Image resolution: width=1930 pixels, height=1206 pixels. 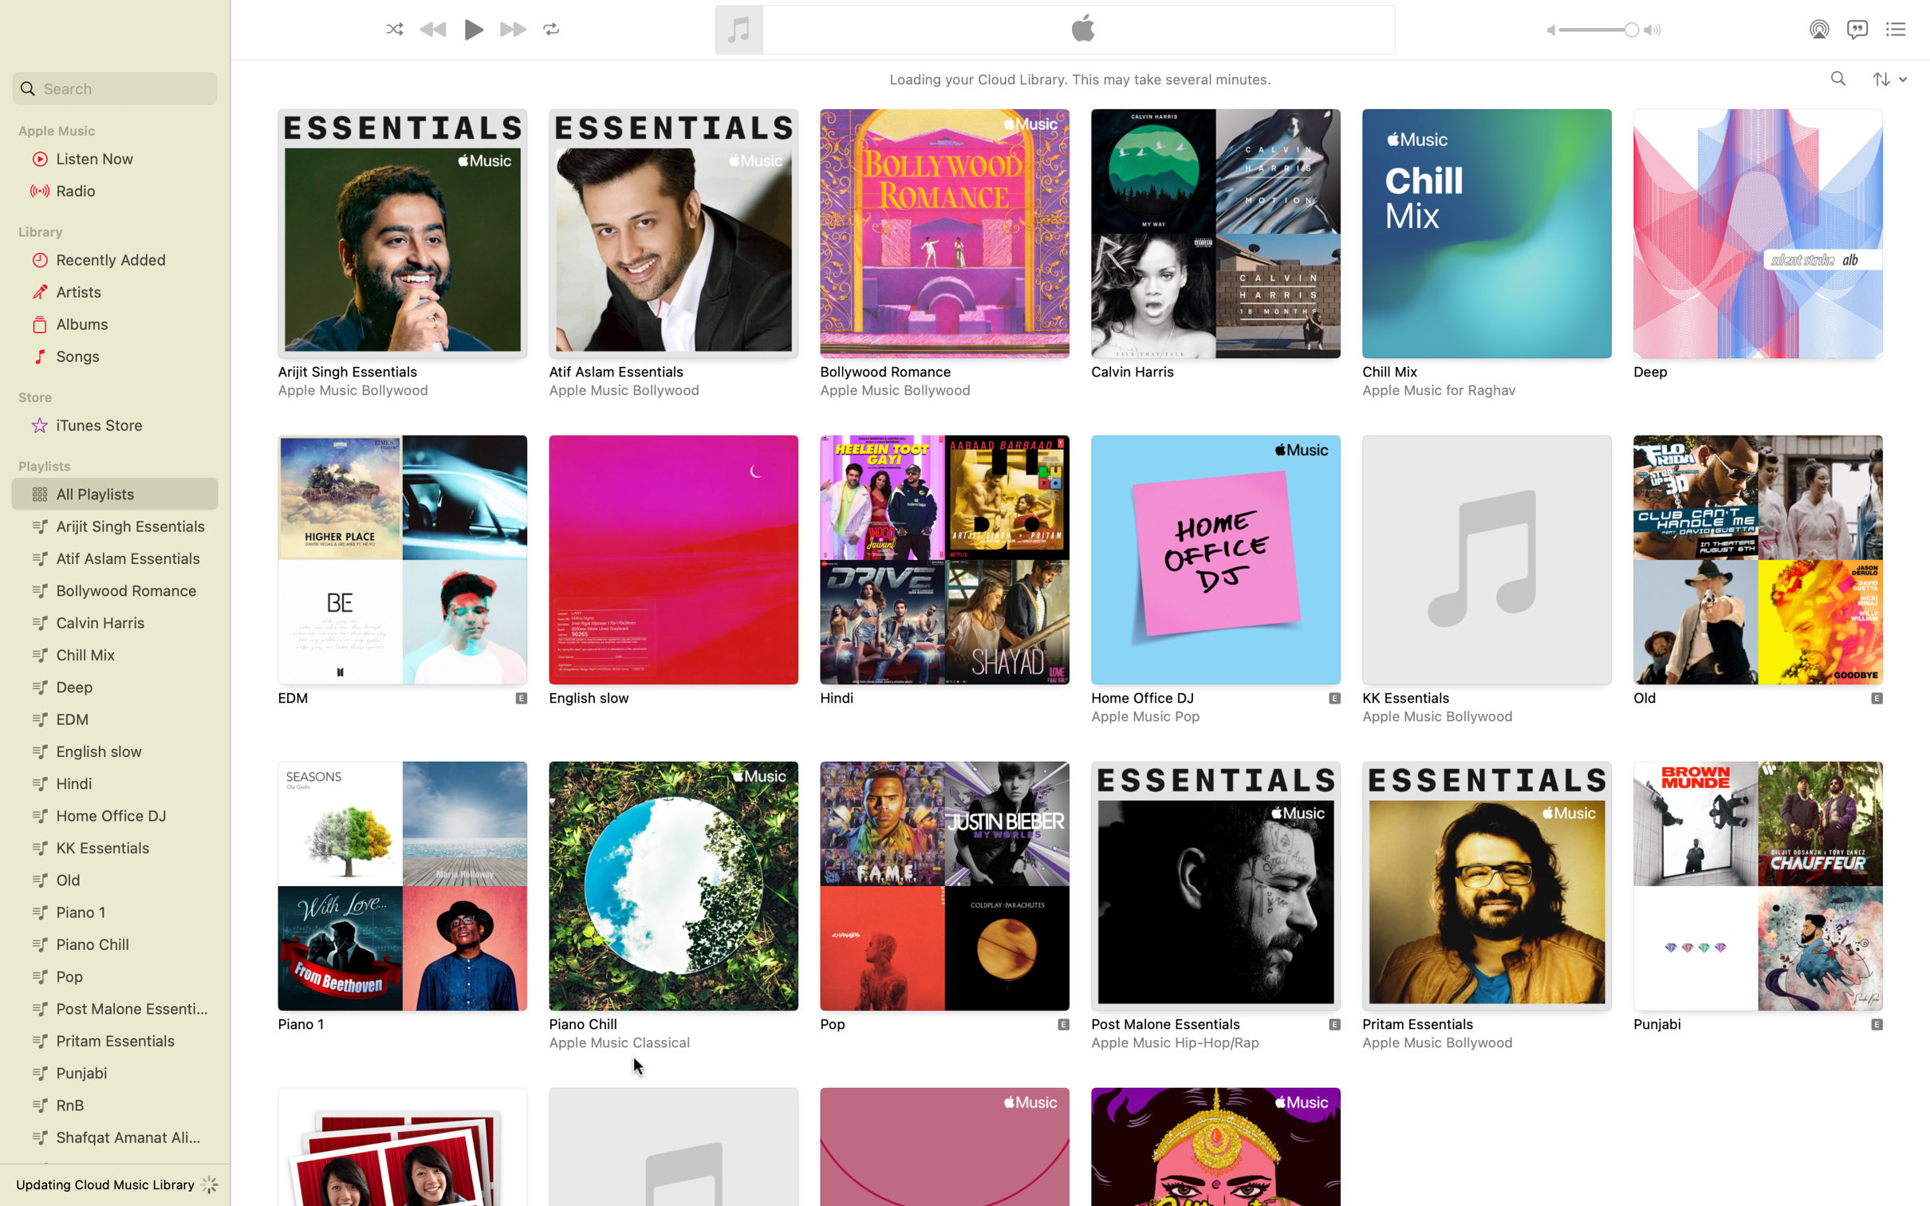 I want to click on the playlist Piano Chill, so click(x=675, y=909).